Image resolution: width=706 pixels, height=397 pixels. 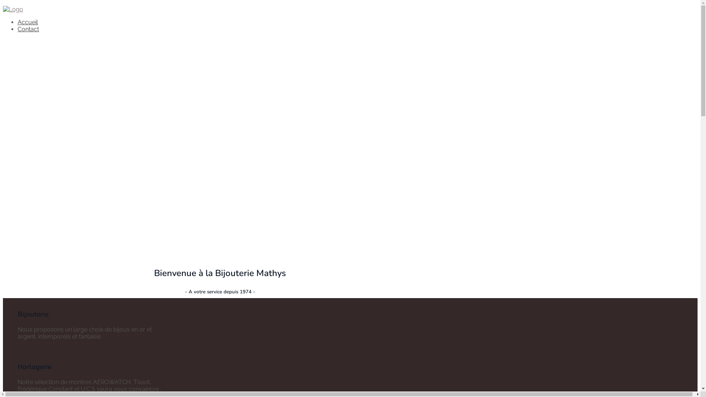 What do you see at coordinates (28, 29) in the screenshot?
I see `'Contact'` at bounding box center [28, 29].